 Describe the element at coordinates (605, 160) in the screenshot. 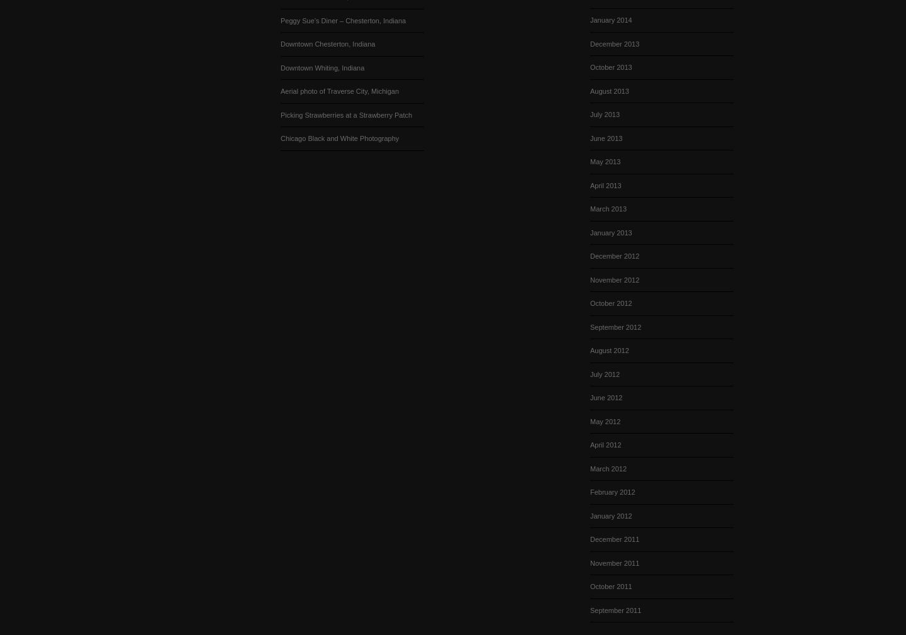

I see `'May 2013'` at that location.